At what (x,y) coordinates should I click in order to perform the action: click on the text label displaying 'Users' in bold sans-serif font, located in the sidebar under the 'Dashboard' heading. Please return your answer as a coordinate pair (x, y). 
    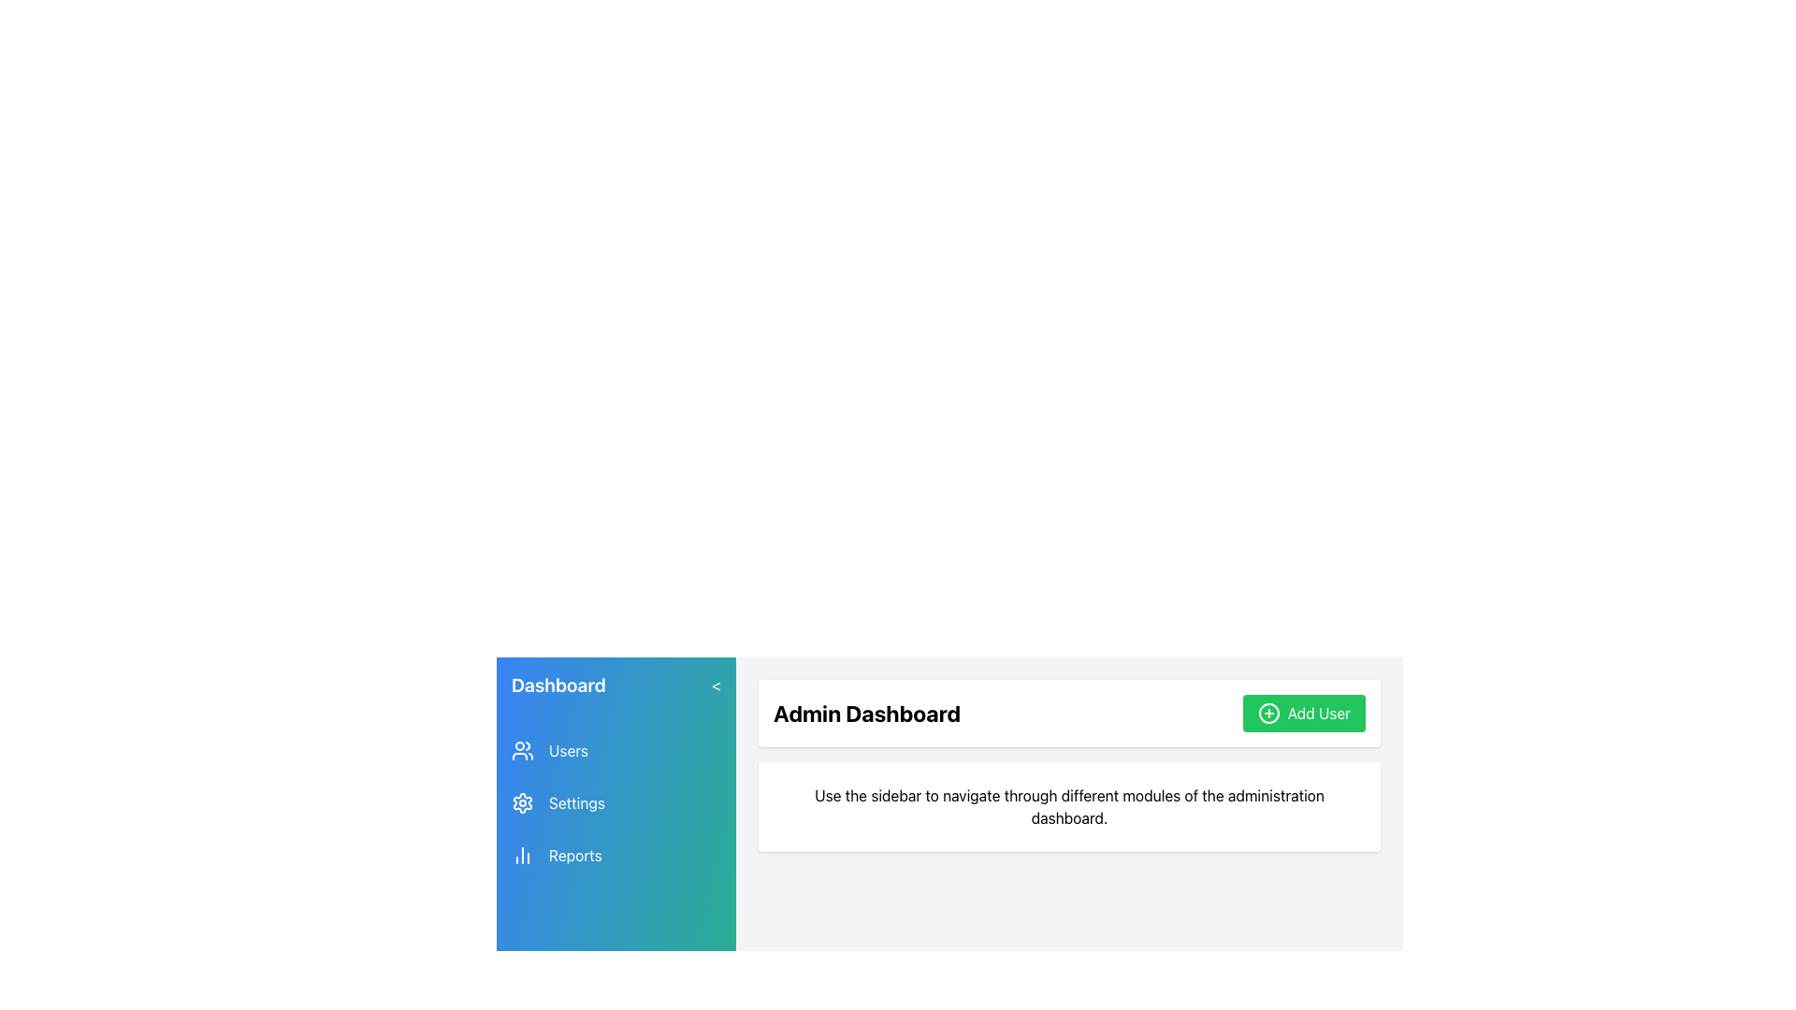
    Looking at the image, I should click on (568, 749).